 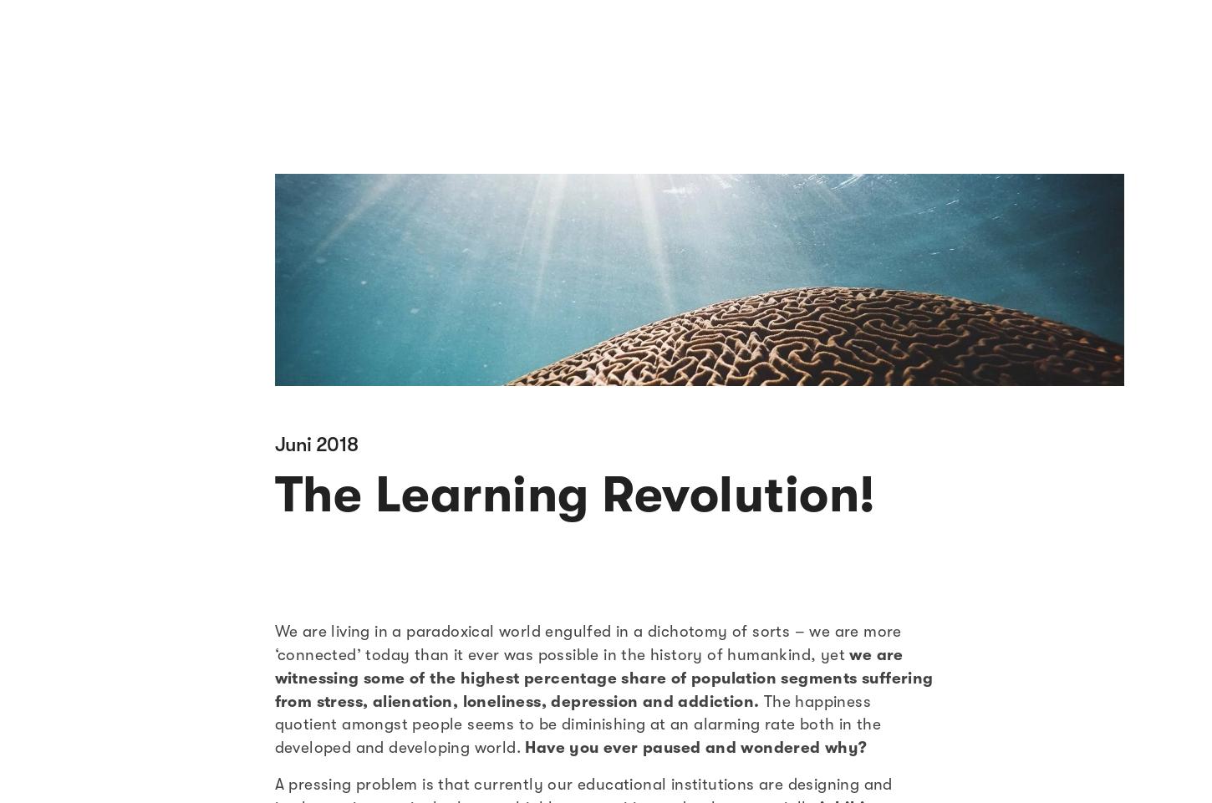 What do you see at coordinates (142, 620) in the screenshot?
I see `'Der Kulturraum vereint die kulturellen Veranstaltungen an unseren Standorten.'` at bounding box center [142, 620].